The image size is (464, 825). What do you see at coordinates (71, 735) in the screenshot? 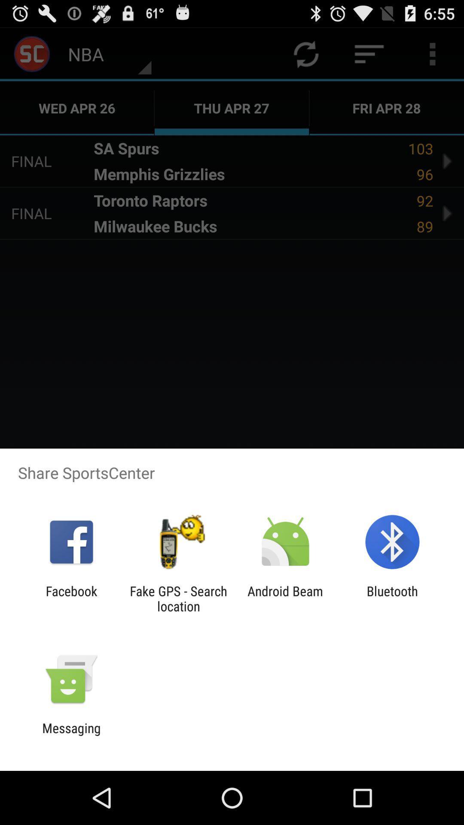
I see `messaging item` at bounding box center [71, 735].